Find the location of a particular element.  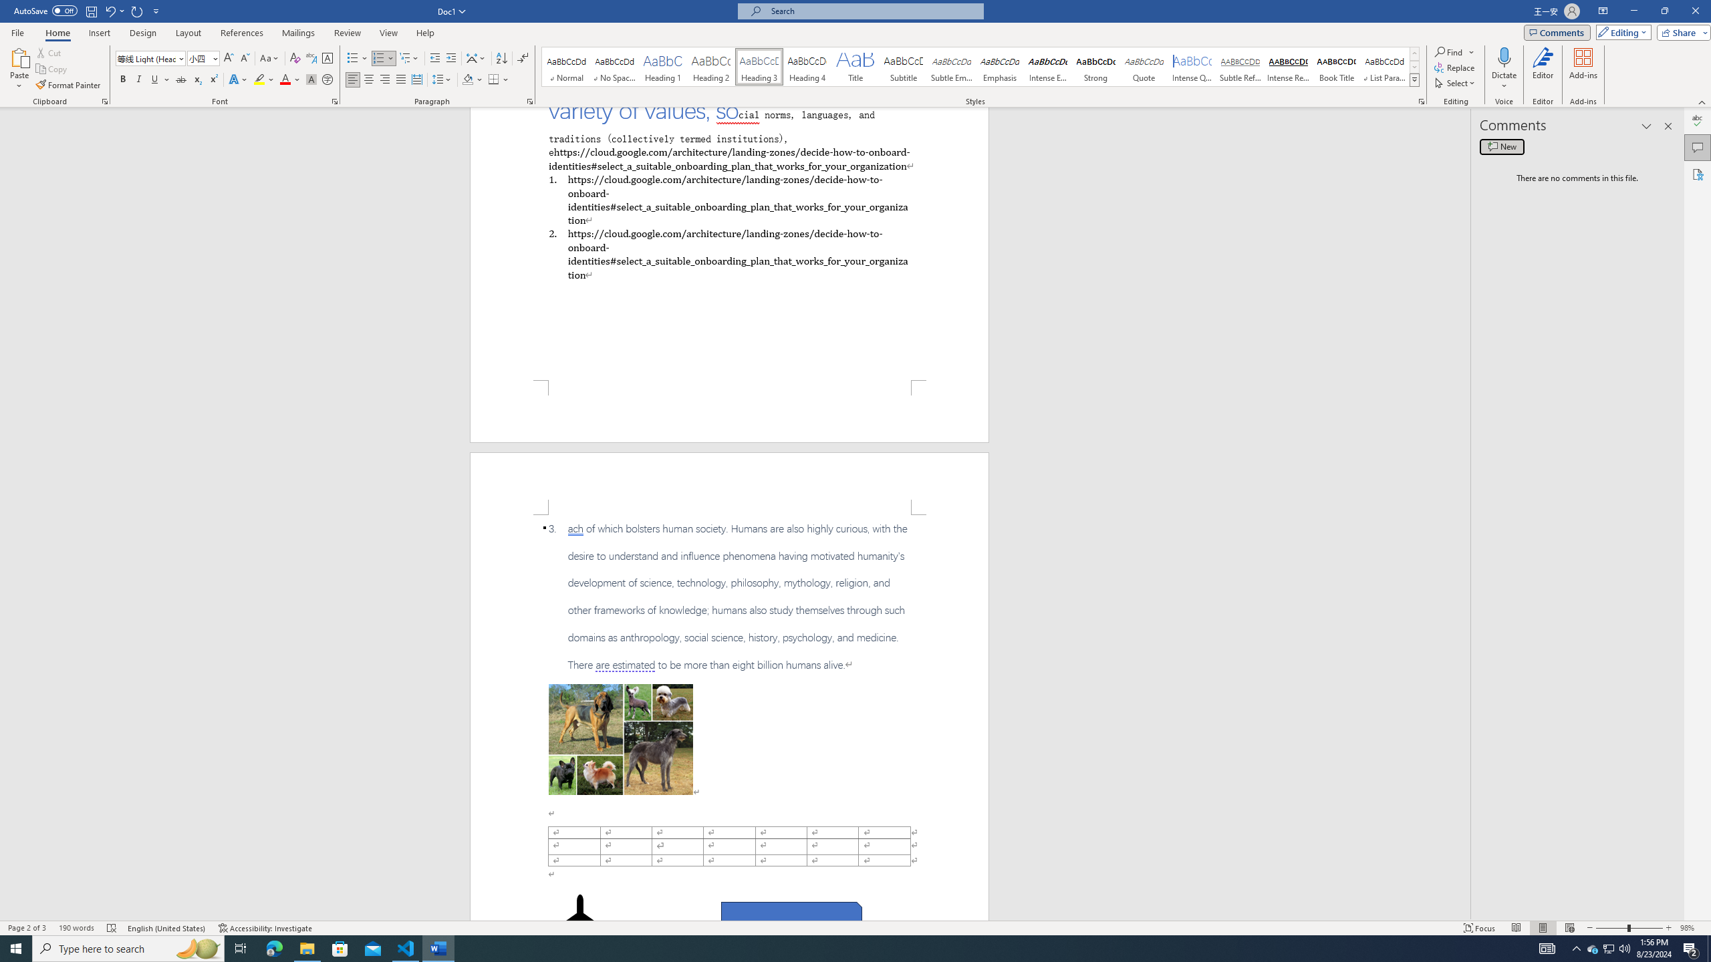

'Text Effects and Typography' is located at coordinates (237, 79).